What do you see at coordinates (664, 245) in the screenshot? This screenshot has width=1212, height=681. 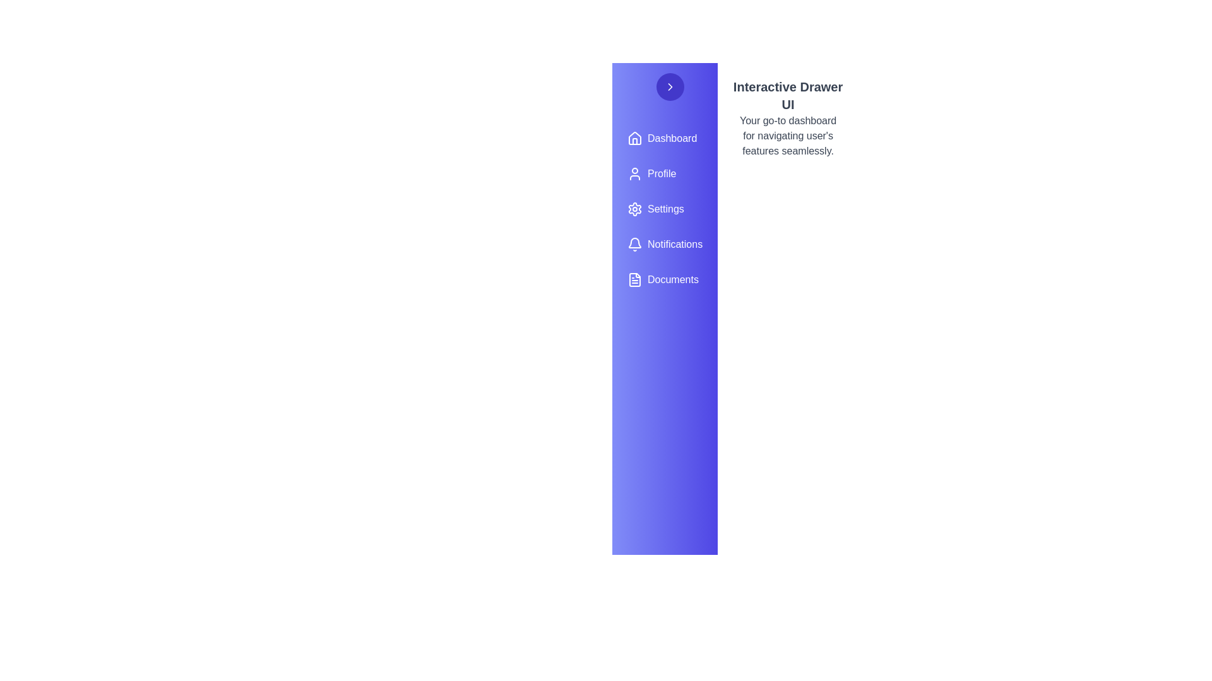 I see `the menu item Notifications` at bounding box center [664, 245].